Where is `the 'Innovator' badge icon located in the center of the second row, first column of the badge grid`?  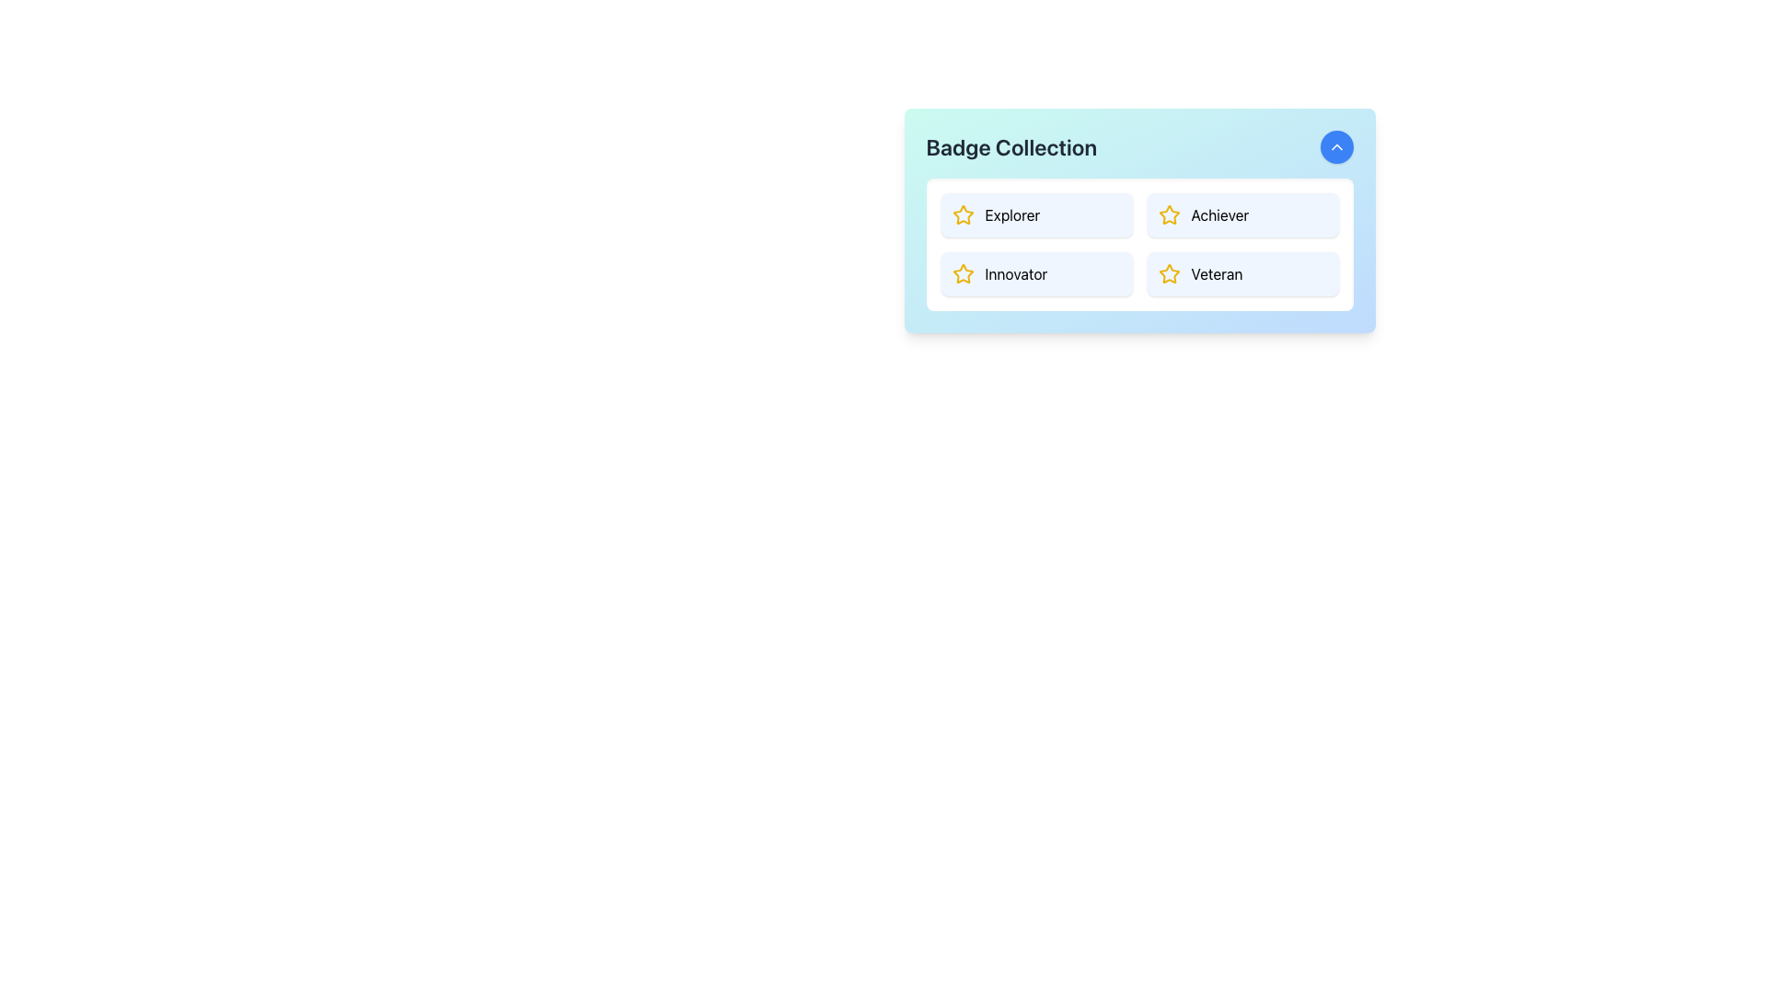
the 'Innovator' badge icon located in the center of the second row, first column of the badge grid is located at coordinates (962, 273).